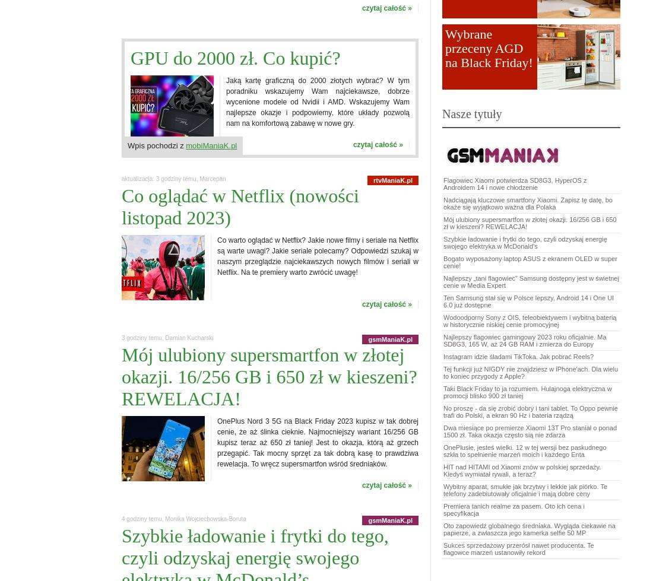  What do you see at coordinates (443, 509) in the screenshot?
I see `'Premiera tanich realme za pasem. Oto ich cena i specyfikacja'` at bounding box center [443, 509].